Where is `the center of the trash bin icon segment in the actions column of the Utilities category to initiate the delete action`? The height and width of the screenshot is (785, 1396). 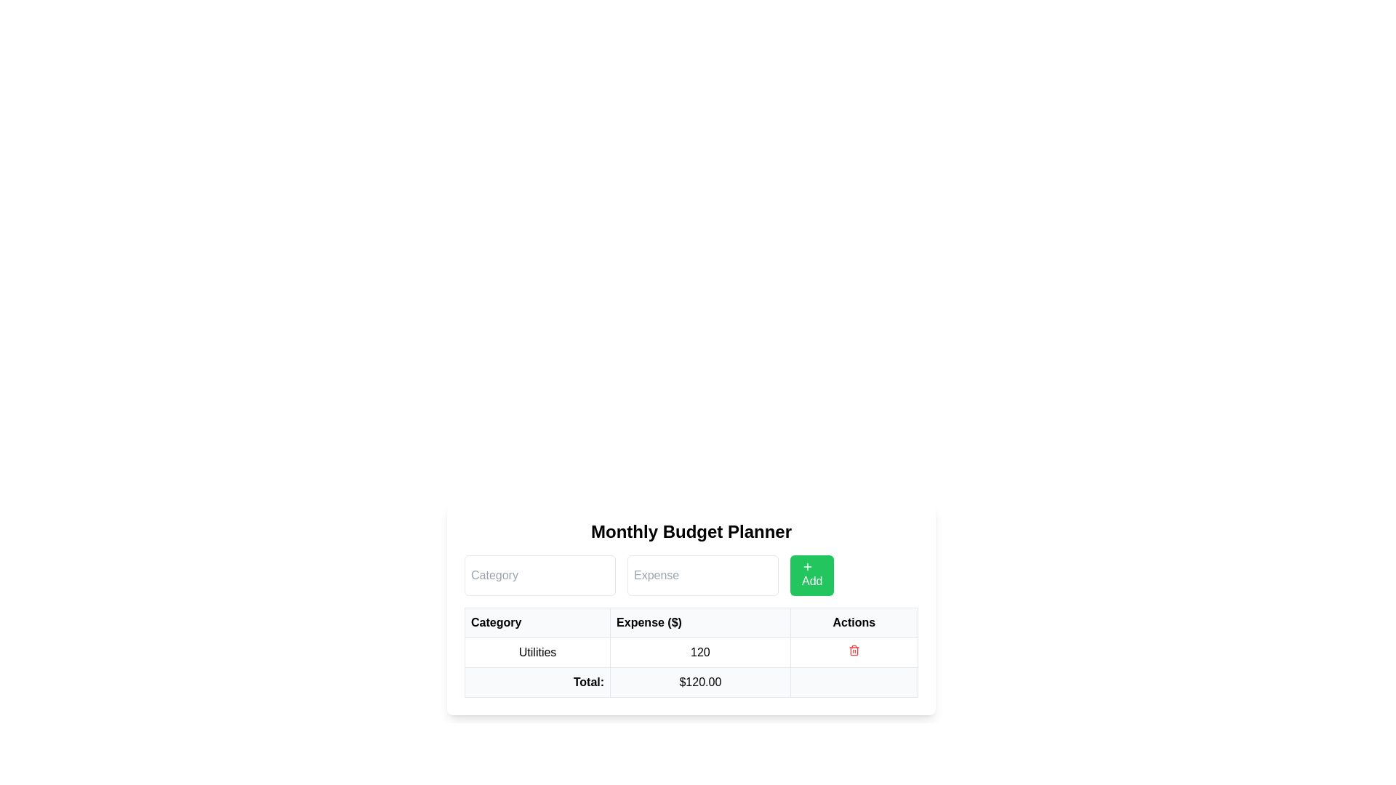 the center of the trash bin icon segment in the actions column of the Utilities category to initiate the delete action is located at coordinates (854, 651).